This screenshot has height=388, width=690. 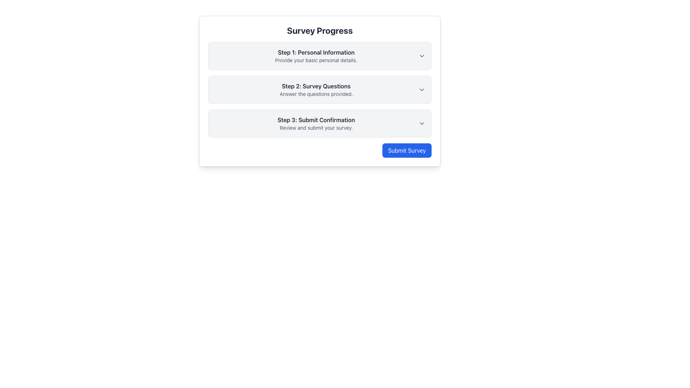 I want to click on the toggle icon located in the 'Step 3: Submit Confirmation' section, so click(x=422, y=123).